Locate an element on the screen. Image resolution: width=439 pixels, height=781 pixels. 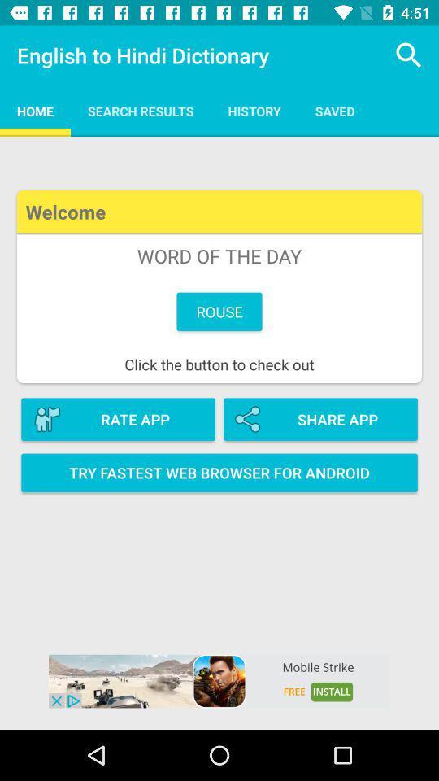
open advertisement for game mobile strike is located at coordinates (219, 681).